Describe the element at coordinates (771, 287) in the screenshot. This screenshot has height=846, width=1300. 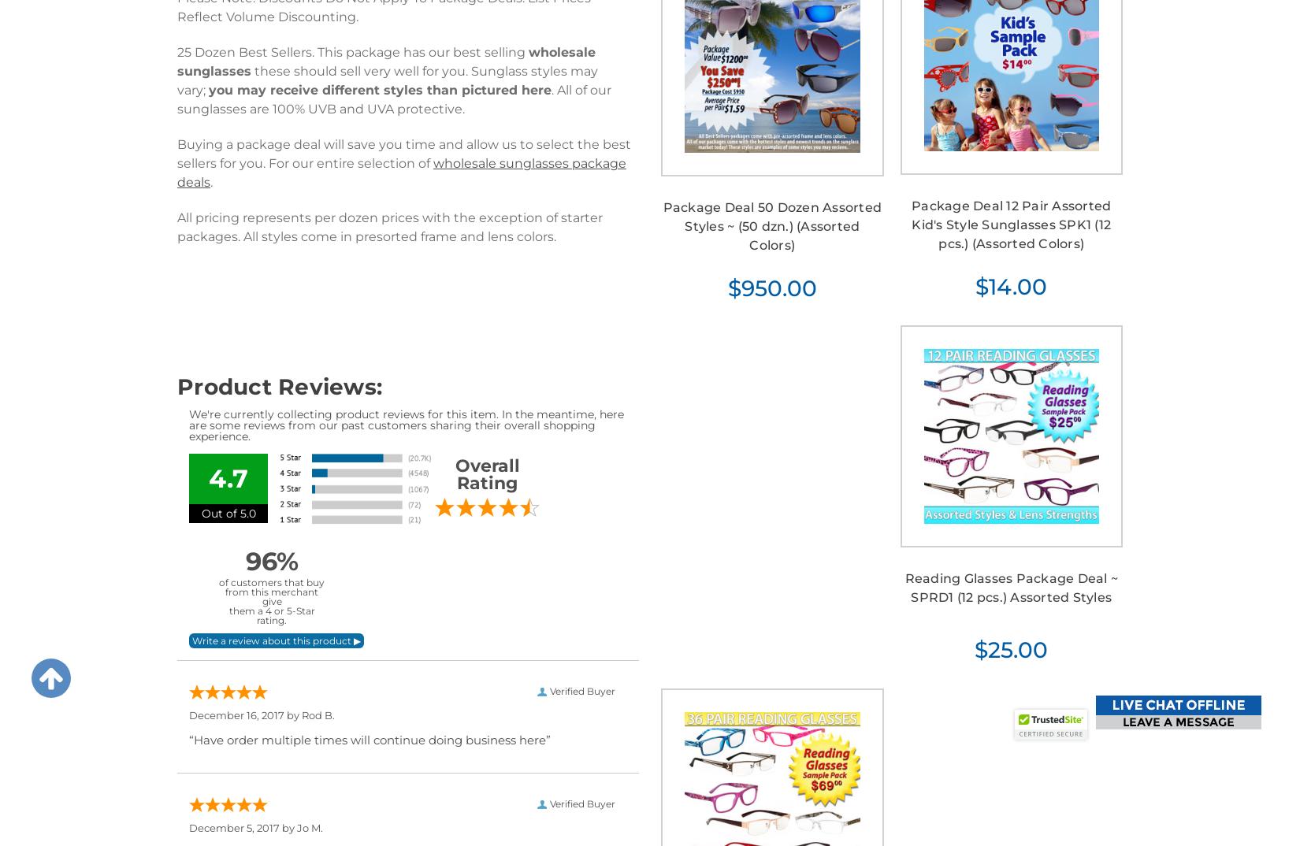
I see `'$950.00'` at that location.